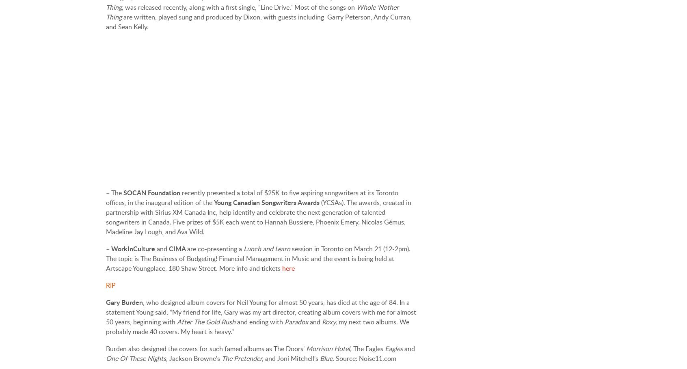  Describe the element at coordinates (394, 348) in the screenshot. I see `'Eagles'` at that location.